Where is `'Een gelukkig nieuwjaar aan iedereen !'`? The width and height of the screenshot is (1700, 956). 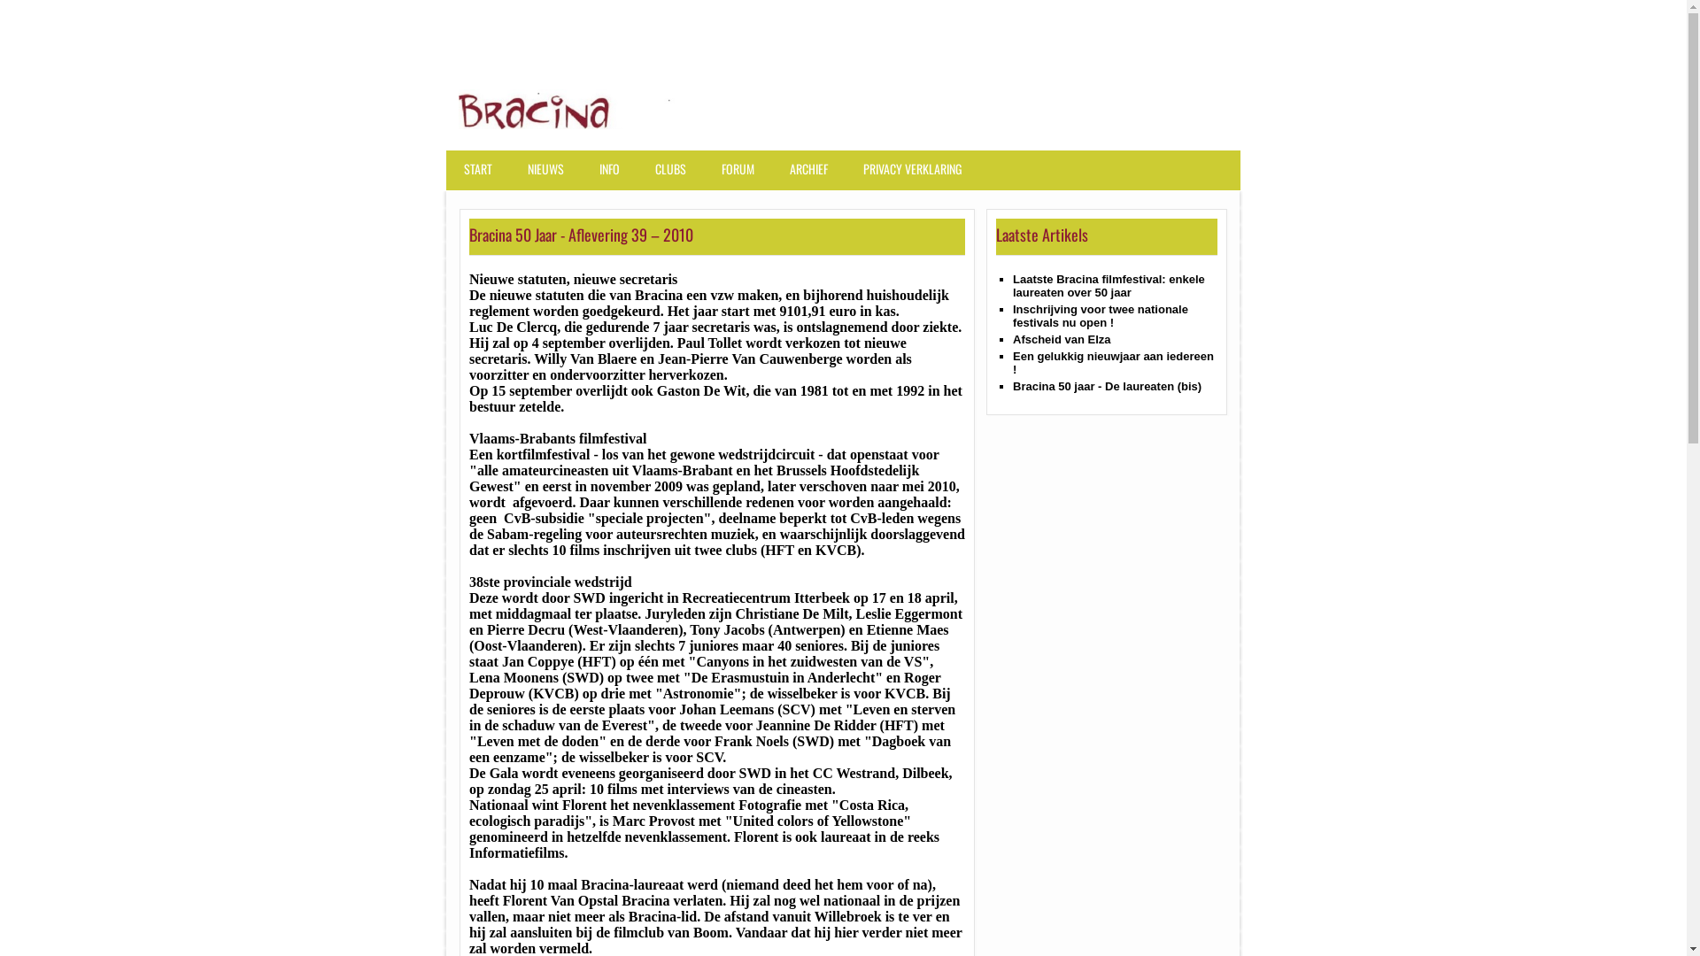
'Een gelukkig nieuwjaar aan iedereen !' is located at coordinates (1112, 361).